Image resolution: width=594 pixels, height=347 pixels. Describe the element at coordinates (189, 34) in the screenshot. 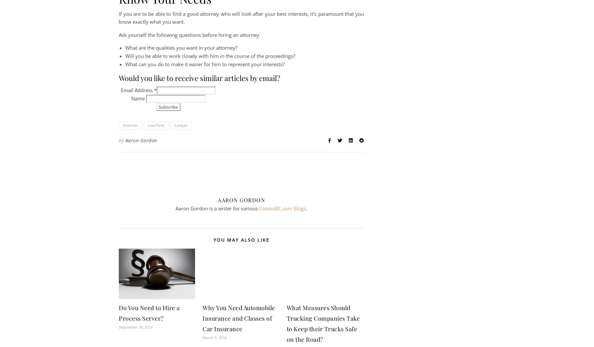

I see `'Ask yourself the following questions before hiring an attorney:'` at that location.